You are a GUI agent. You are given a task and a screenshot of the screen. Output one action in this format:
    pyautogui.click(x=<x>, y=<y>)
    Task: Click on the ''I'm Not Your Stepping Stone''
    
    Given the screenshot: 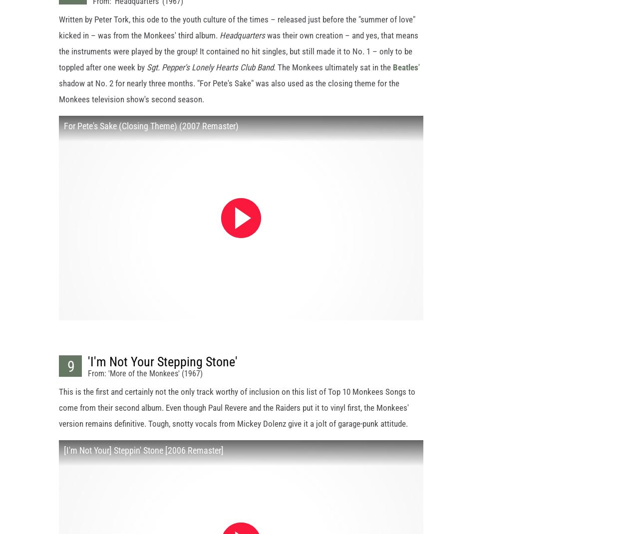 What is the action you would take?
    pyautogui.click(x=162, y=370)
    